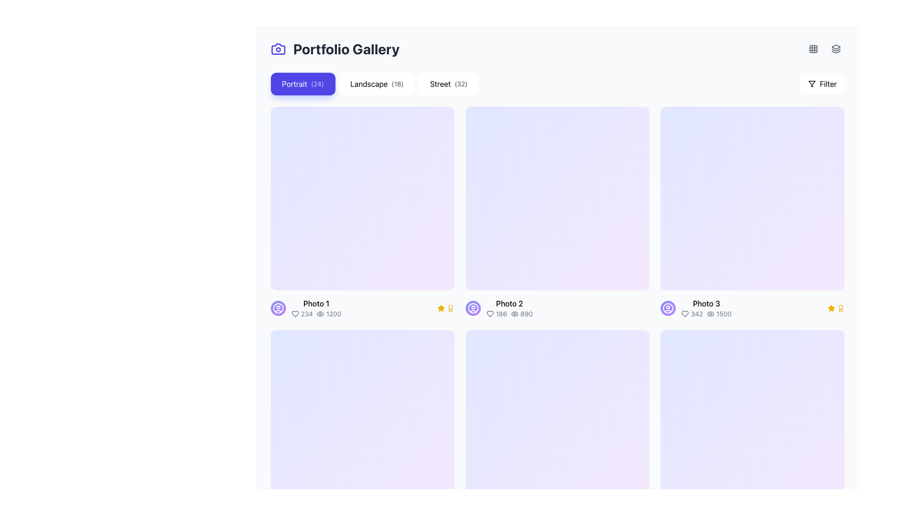  What do you see at coordinates (824, 49) in the screenshot?
I see `the decorative red circular marker that is centrally located between the 'grid' and 'layers' icons in the top-right portion of the UI` at bounding box center [824, 49].